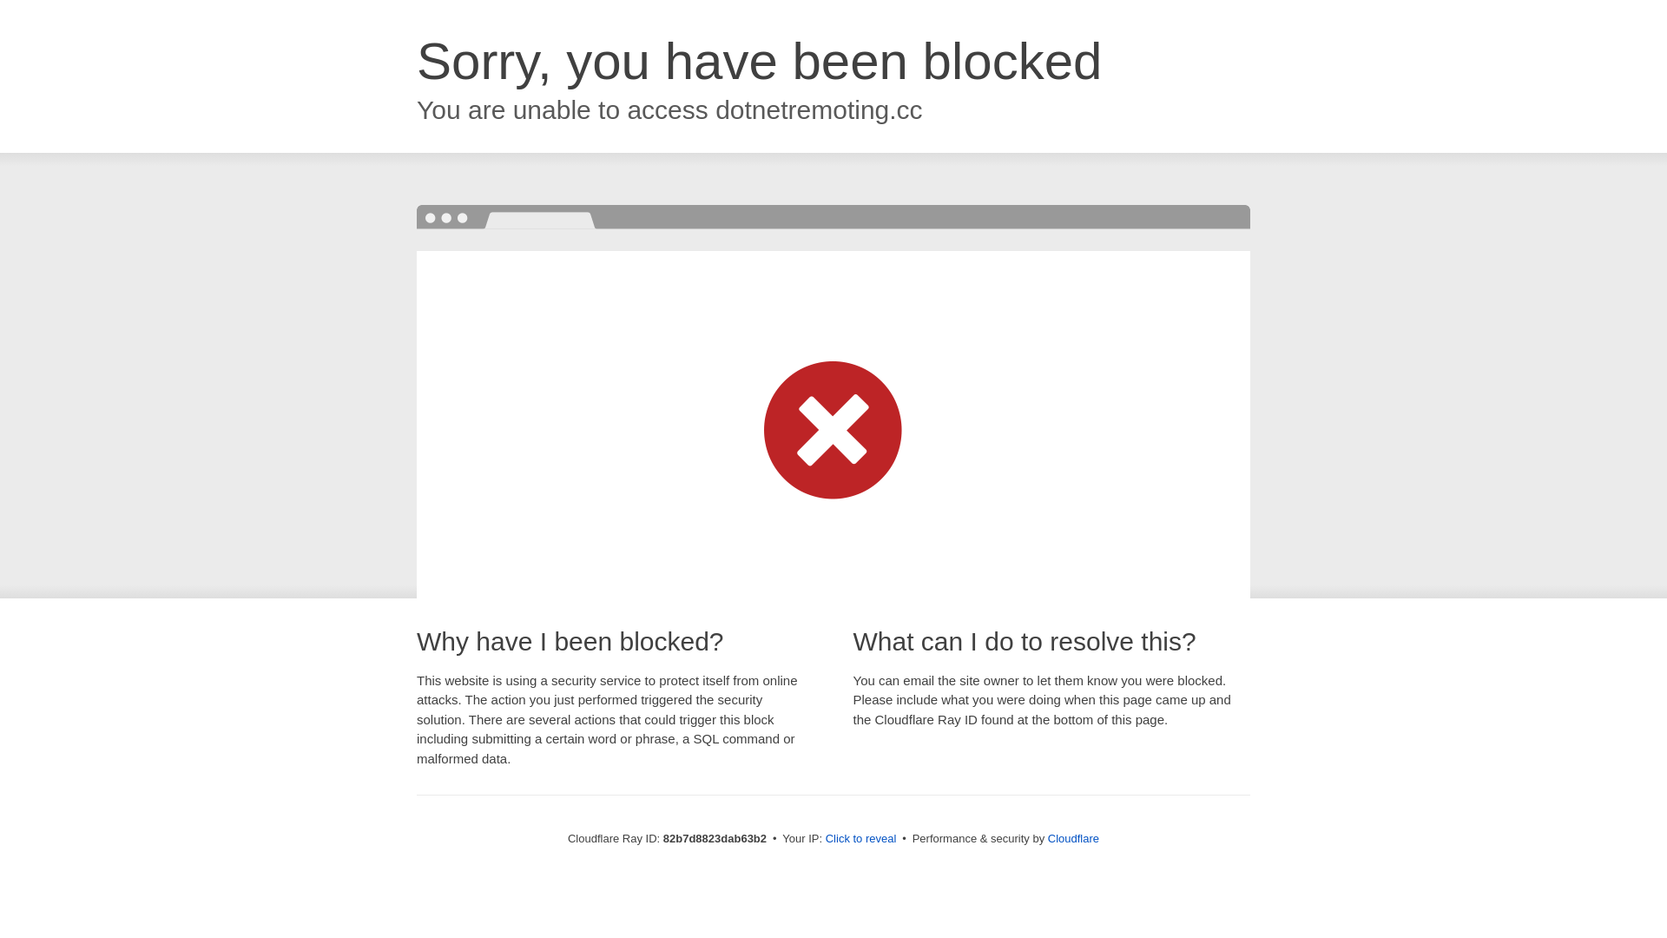 The width and height of the screenshot is (1667, 938). What do you see at coordinates (1072, 837) in the screenshot?
I see `'Cloudflare'` at bounding box center [1072, 837].